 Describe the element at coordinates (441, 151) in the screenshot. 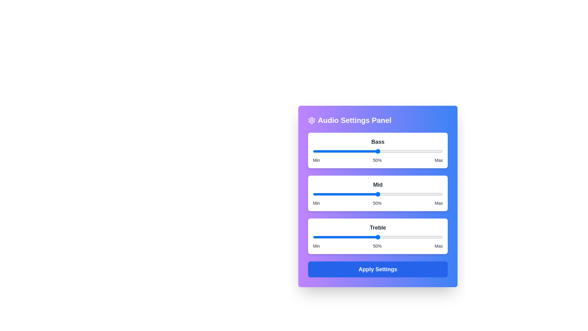

I see `the bass level` at that location.